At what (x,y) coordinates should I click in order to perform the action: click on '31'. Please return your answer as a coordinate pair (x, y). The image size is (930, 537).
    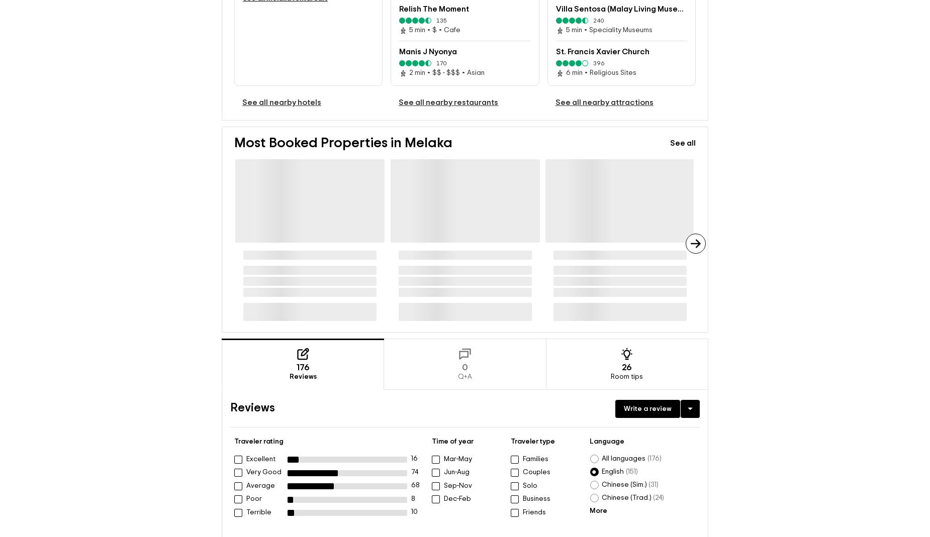
    Looking at the image, I should click on (649, 484).